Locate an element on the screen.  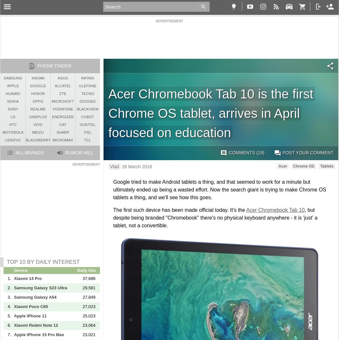
'Oppo' is located at coordinates (33, 101).